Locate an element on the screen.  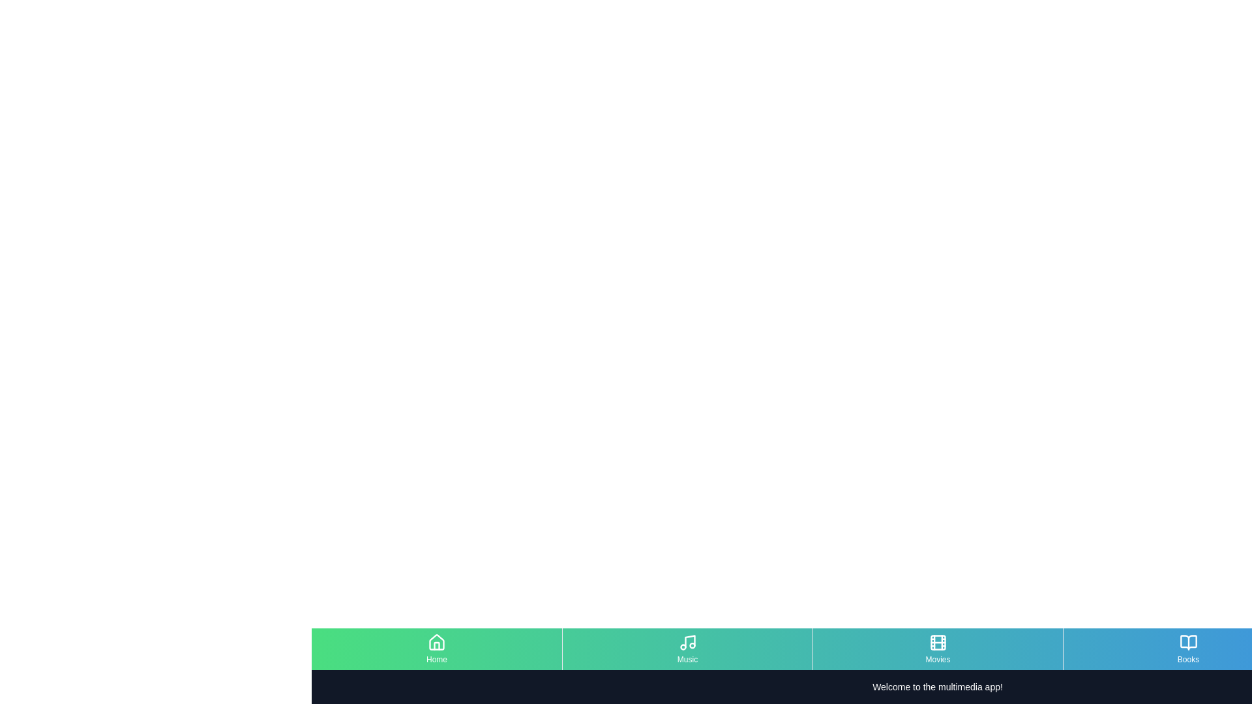
the menu item Home to navigate to its content is located at coordinates (437, 649).